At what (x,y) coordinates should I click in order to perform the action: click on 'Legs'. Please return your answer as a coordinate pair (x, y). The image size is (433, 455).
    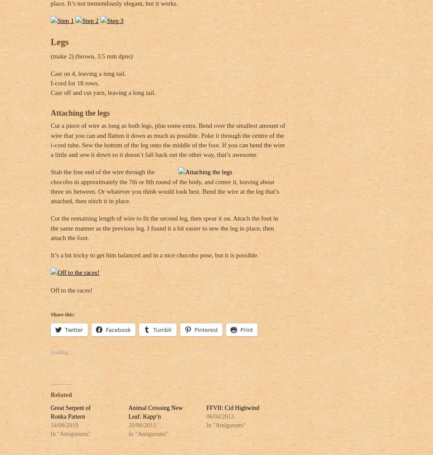
    Looking at the image, I should click on (50, 41).